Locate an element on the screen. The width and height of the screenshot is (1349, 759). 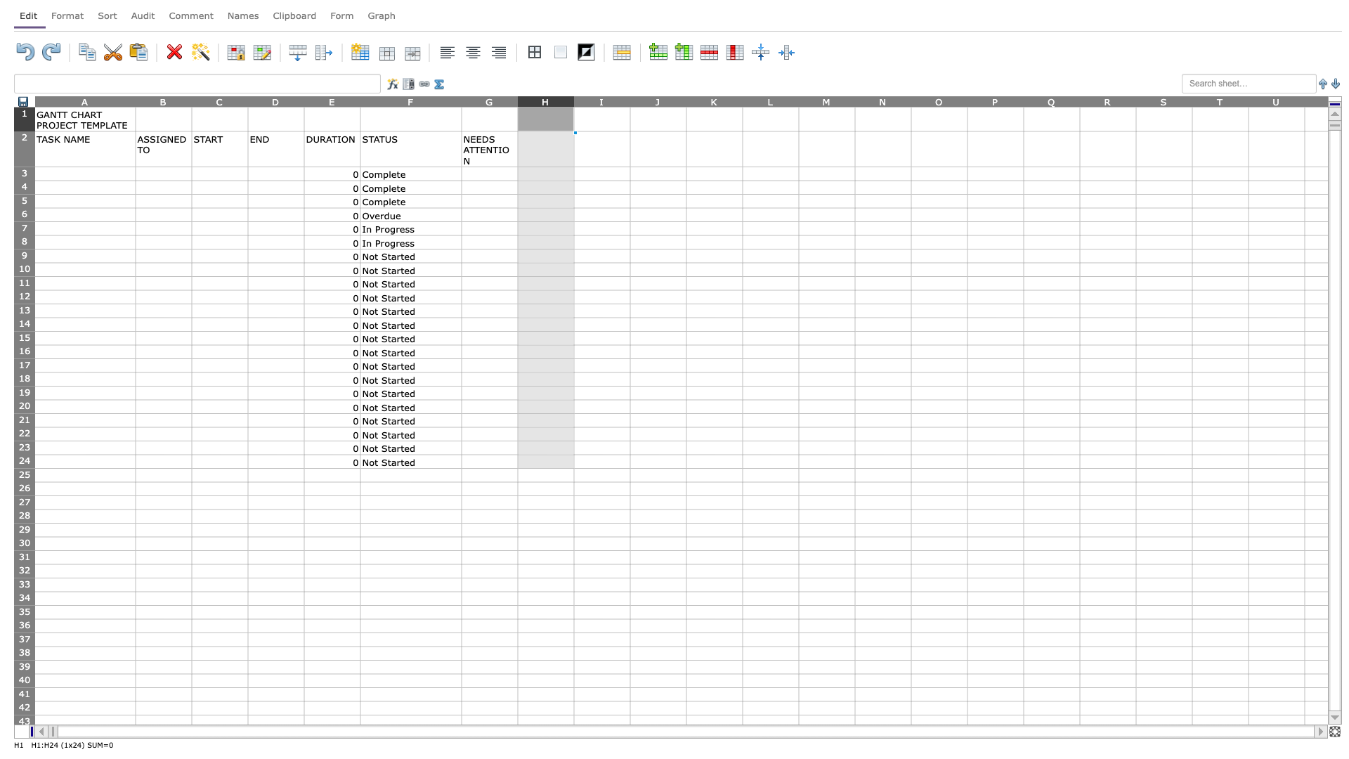
Hover over column J's resize handle is located at coordinates (686, 100).